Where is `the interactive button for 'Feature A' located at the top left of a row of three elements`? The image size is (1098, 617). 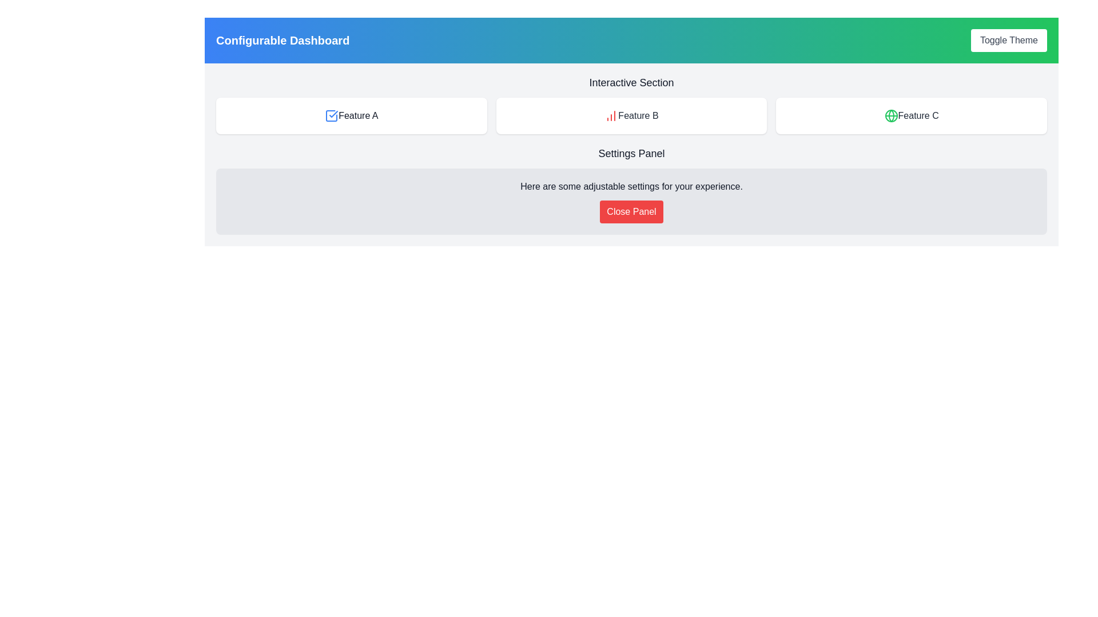
the interactive button for 'Feature A' located at the top left of a row of three elements is located at coordinates (351, 116).